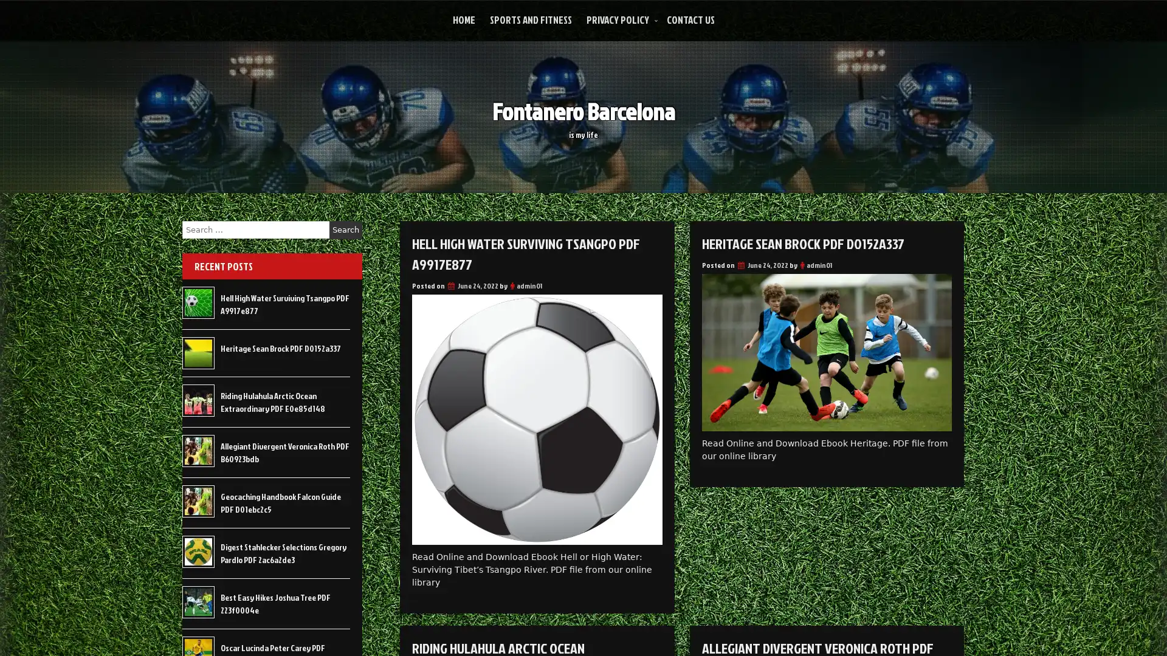 The width and height of the screenshot is (1167, 656). What do you see at coordinates (345, 230) in the screenshot?
I see `Search` at bounding box center [345, 230].